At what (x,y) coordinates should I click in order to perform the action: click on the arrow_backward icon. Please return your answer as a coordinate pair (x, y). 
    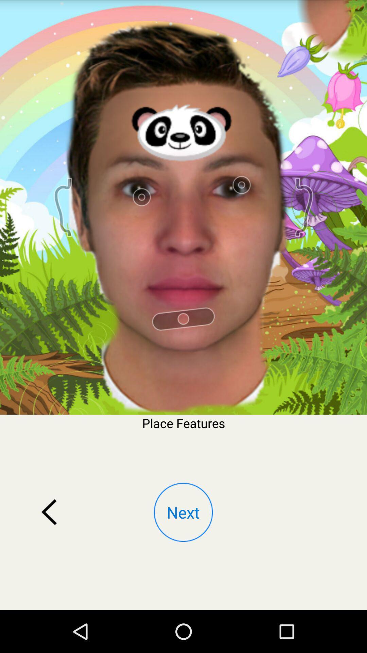
    Looking at the image, I should click on (49, 548).